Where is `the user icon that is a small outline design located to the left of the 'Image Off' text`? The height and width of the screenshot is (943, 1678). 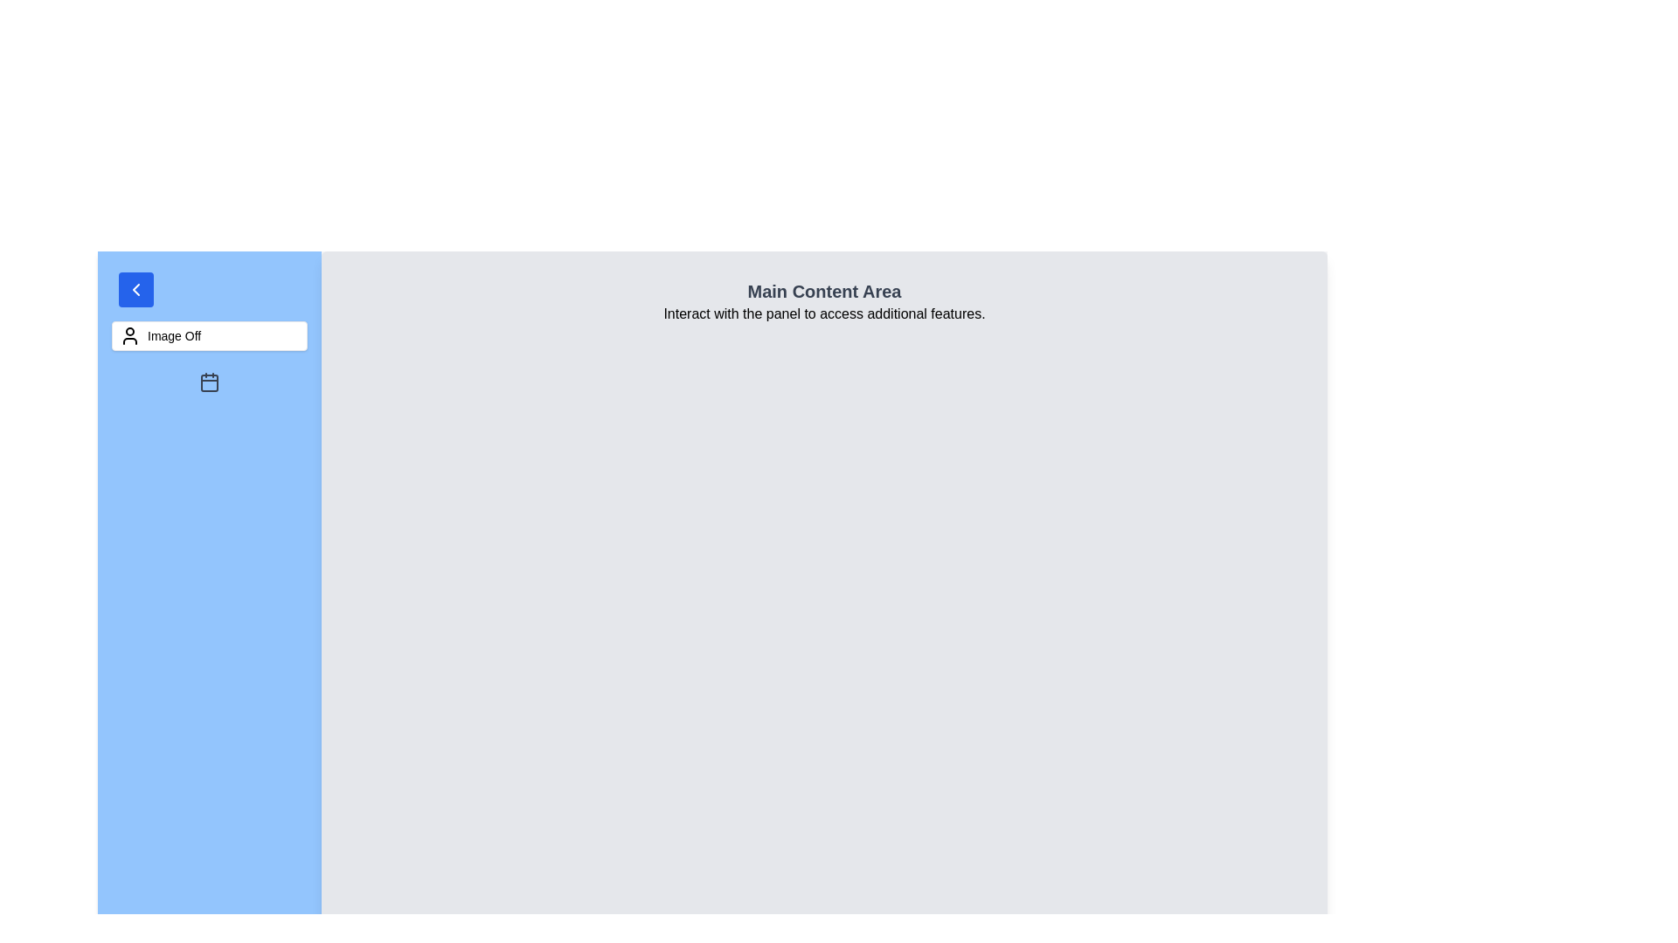
the user icon that is a small outline design located to the left of the 'Image Off' text is located at coordinates (128, 336).